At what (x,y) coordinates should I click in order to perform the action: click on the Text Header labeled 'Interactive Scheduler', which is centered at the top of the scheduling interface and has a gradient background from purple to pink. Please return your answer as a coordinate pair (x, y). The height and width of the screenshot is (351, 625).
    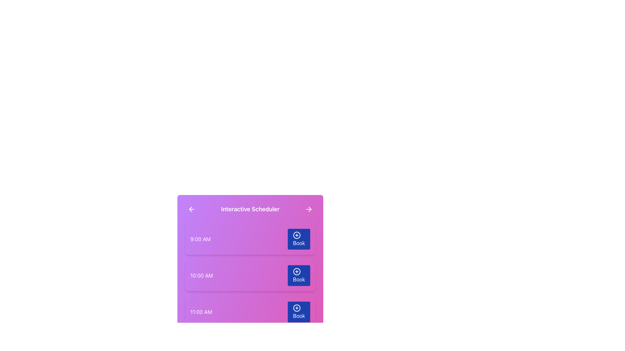
    Looking at the image, I should click on (250, 209).